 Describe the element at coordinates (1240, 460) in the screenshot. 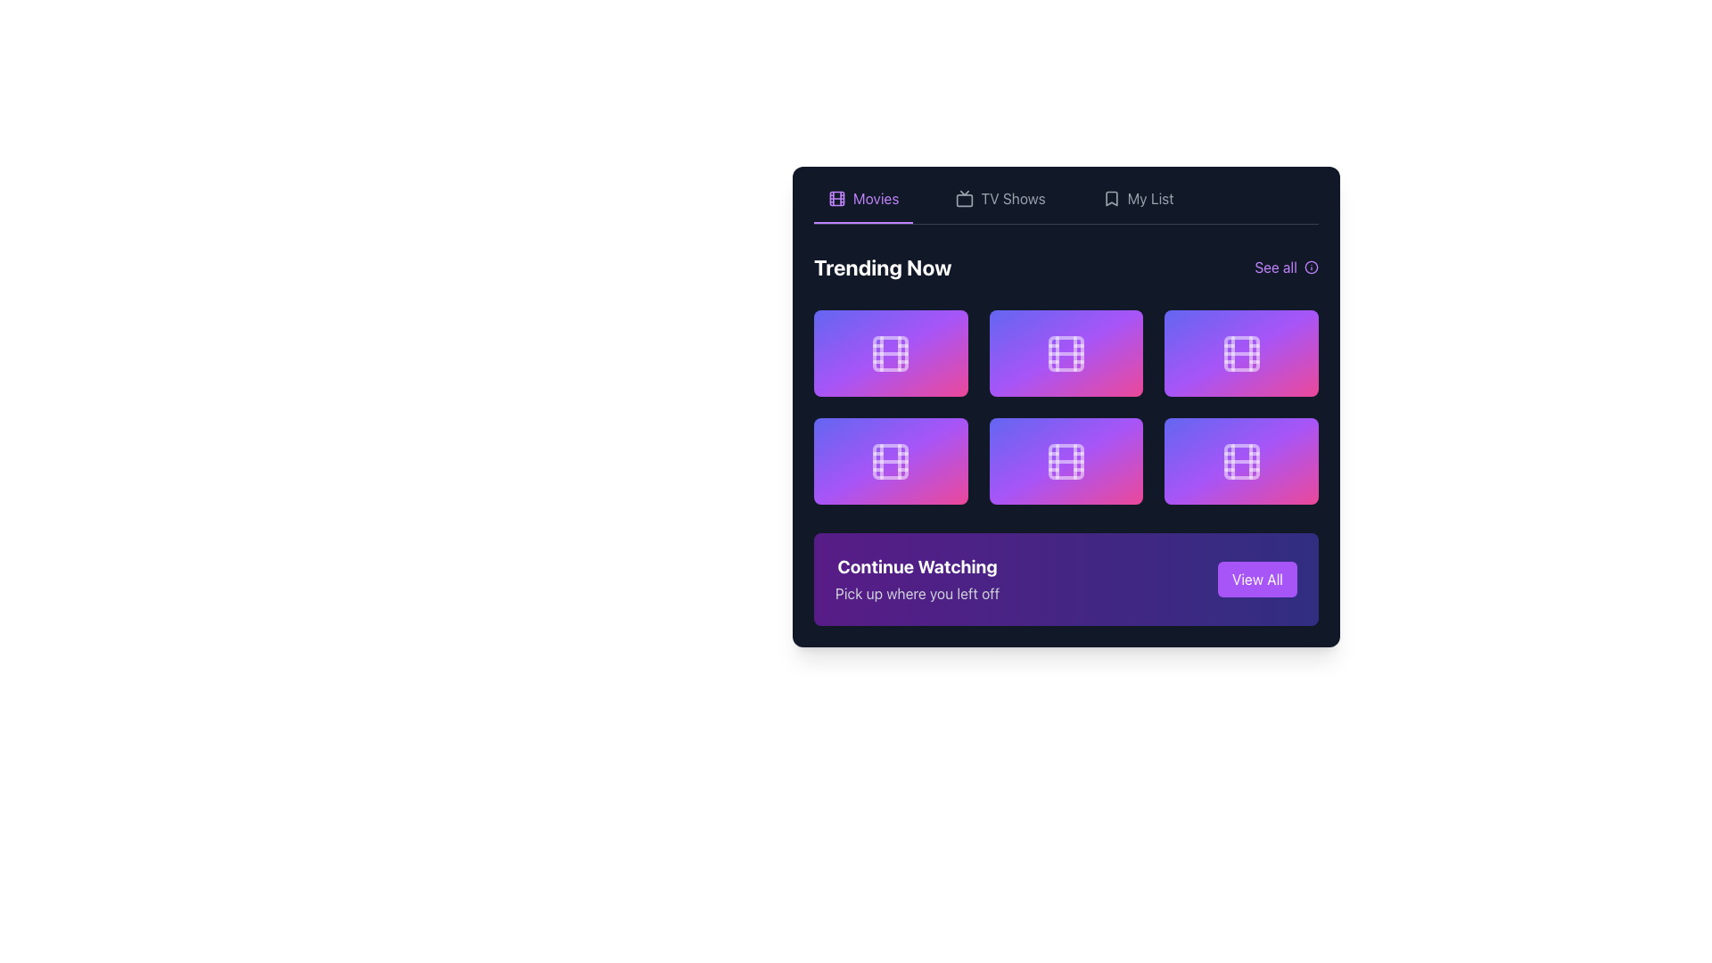

I see `the rectangular button with a gradient background from purple to pink that features a white film reel icon, located in the third column and second row of the 'Trending Now' section` at that location.